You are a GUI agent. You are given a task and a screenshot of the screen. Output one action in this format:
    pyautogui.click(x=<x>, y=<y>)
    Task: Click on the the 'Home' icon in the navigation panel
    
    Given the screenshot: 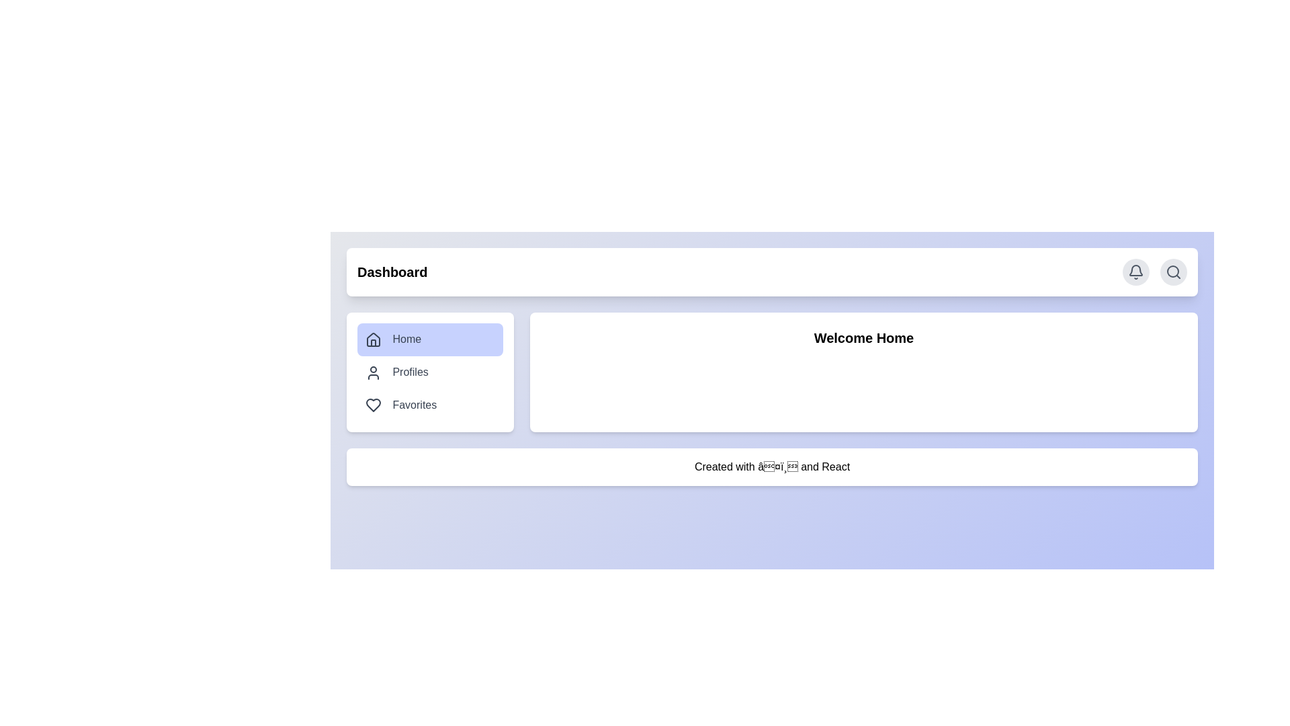 What is the action you would take?
    pyautogui.click(x=374, y=339)
    